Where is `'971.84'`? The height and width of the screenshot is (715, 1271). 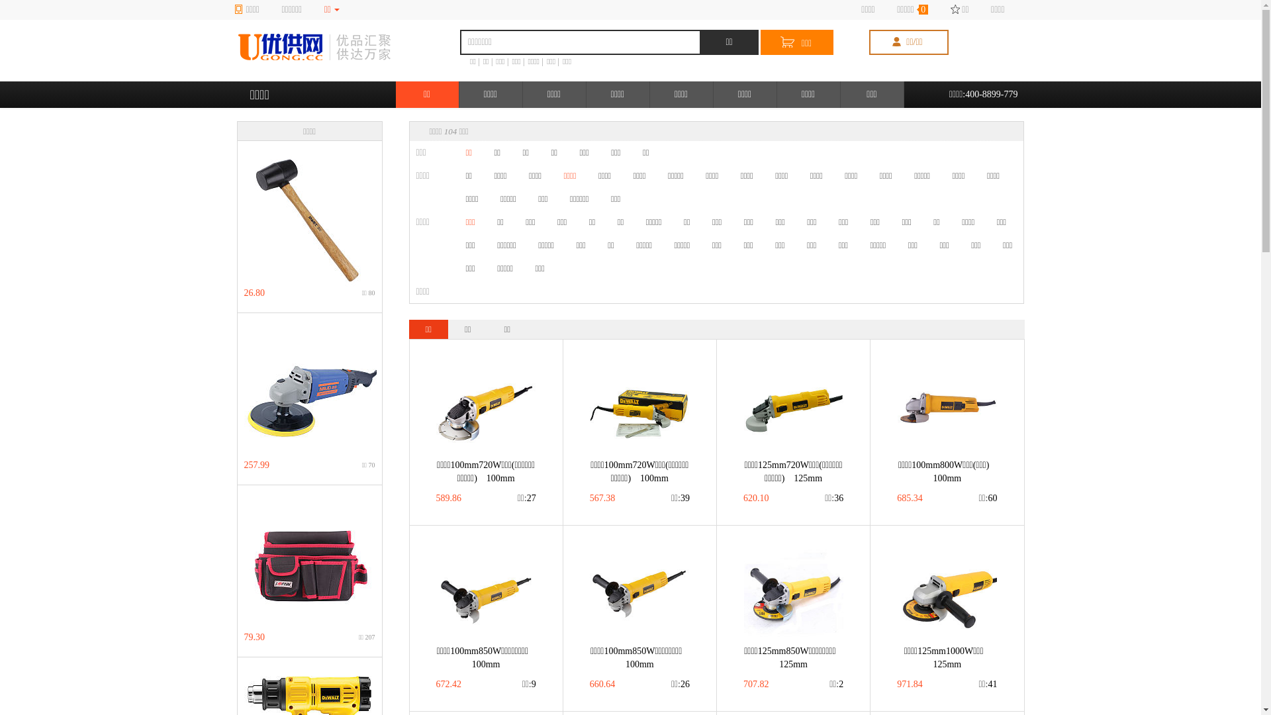 '971.84' is located at coordinates (909, 684).